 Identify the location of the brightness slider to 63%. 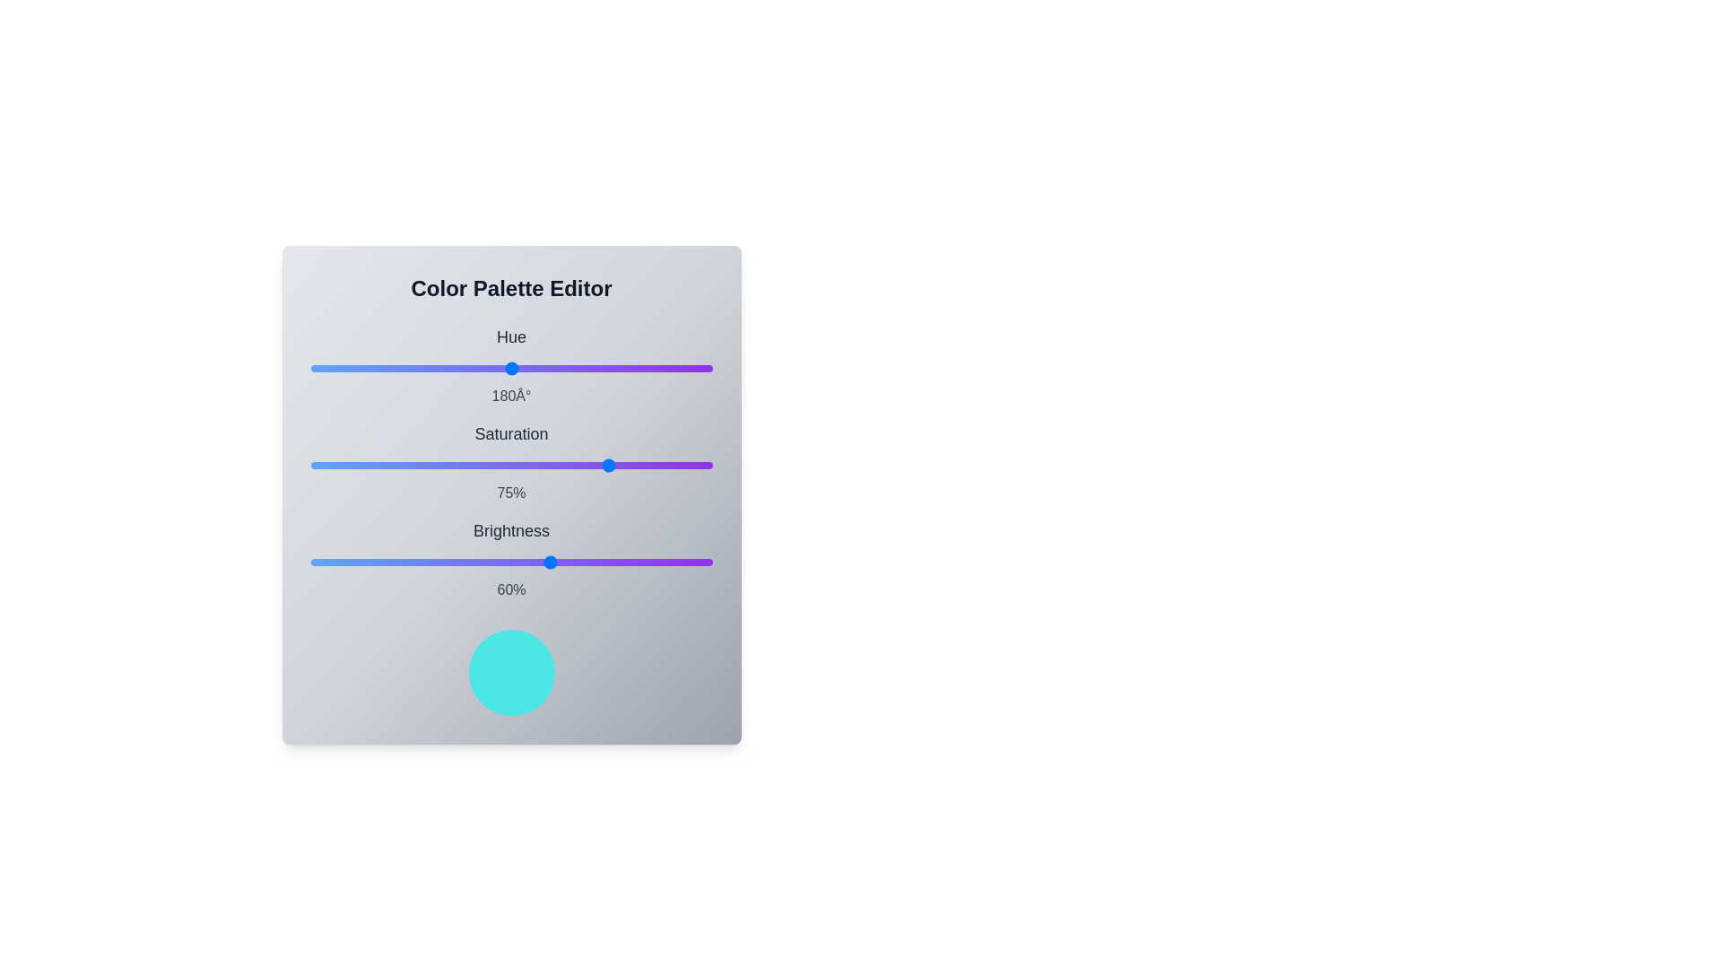
(562, 562).